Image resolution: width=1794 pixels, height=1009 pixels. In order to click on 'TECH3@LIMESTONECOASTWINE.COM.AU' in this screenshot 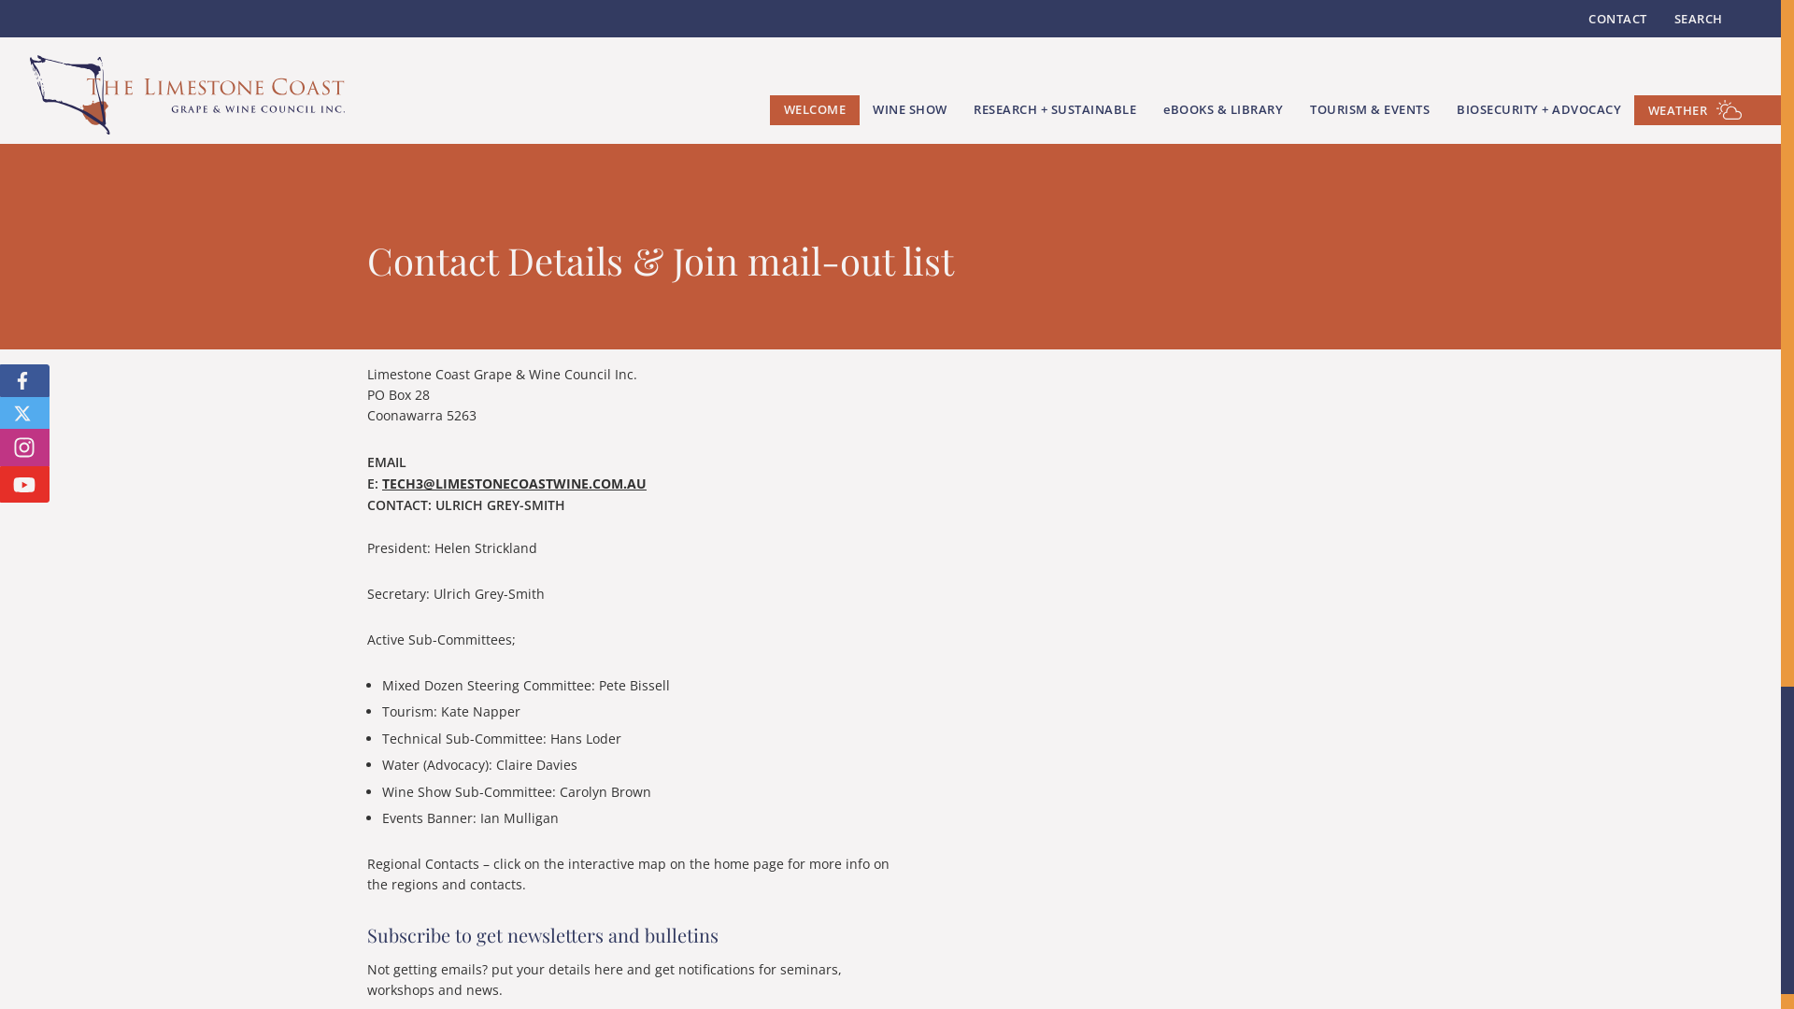, I will do `click(380, 482)`.